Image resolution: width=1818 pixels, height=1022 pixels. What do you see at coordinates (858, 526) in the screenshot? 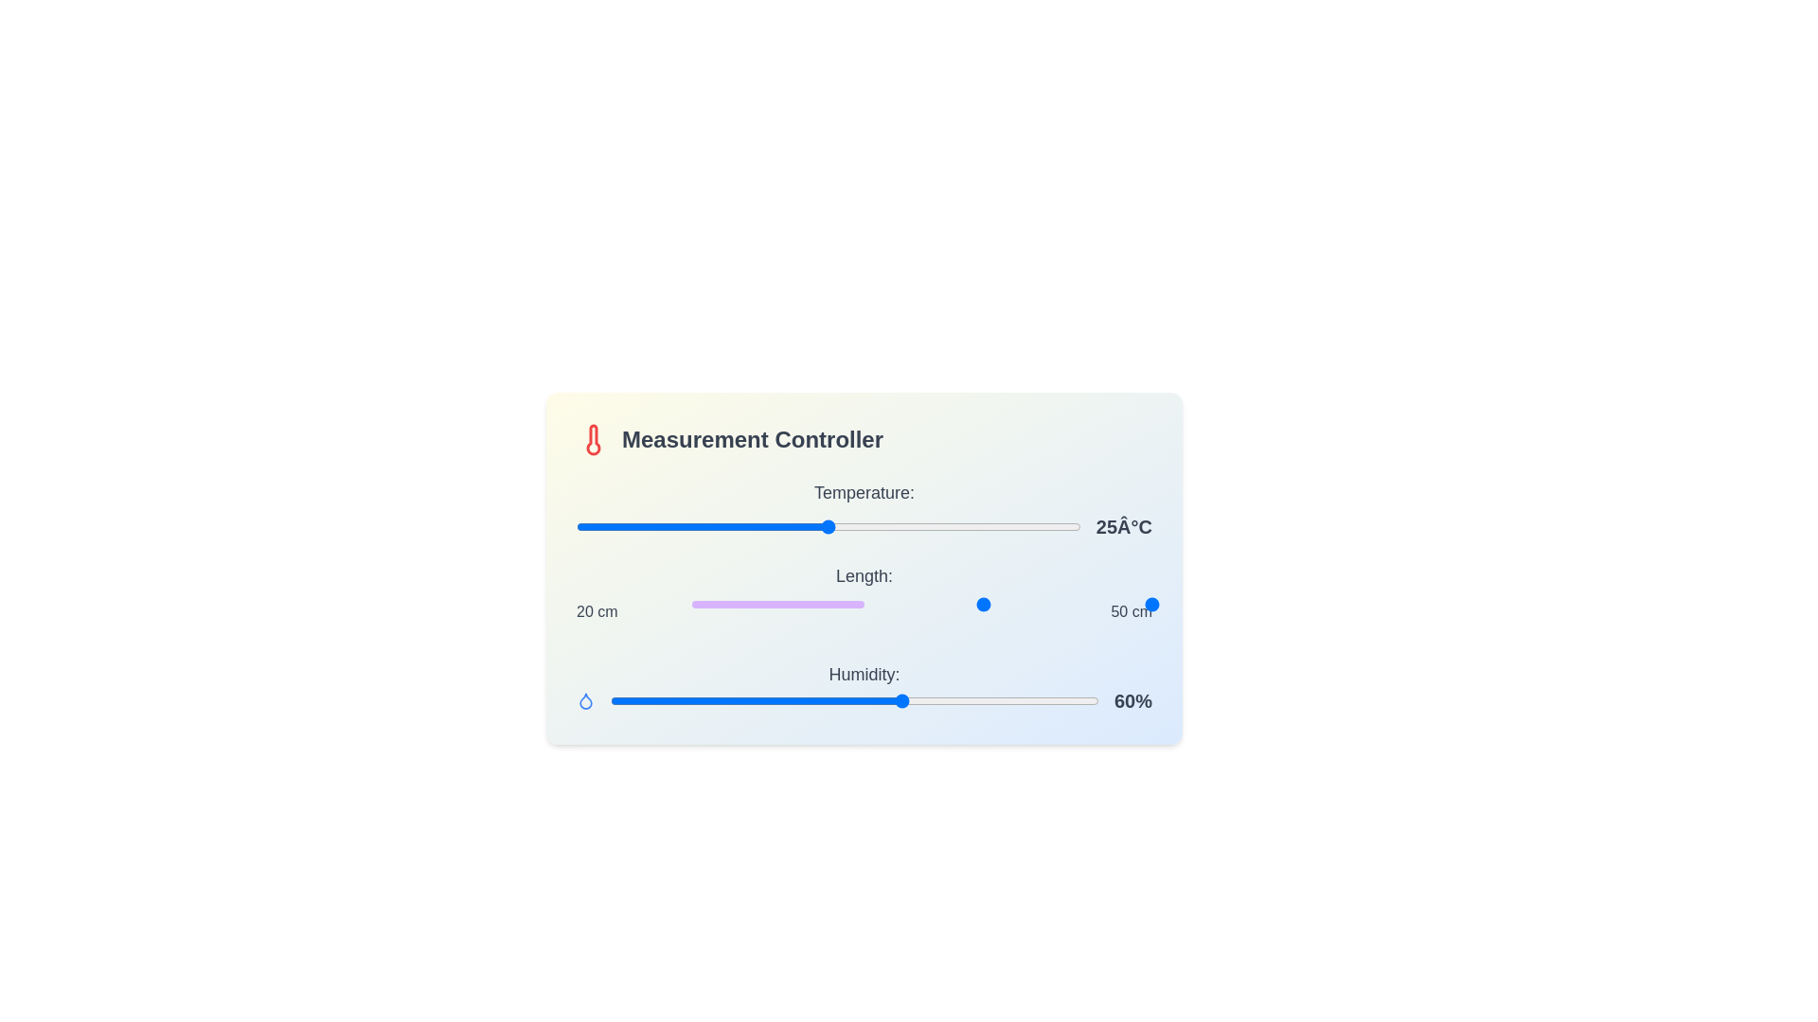
I see `the slider` at bounding box center [858, 526].